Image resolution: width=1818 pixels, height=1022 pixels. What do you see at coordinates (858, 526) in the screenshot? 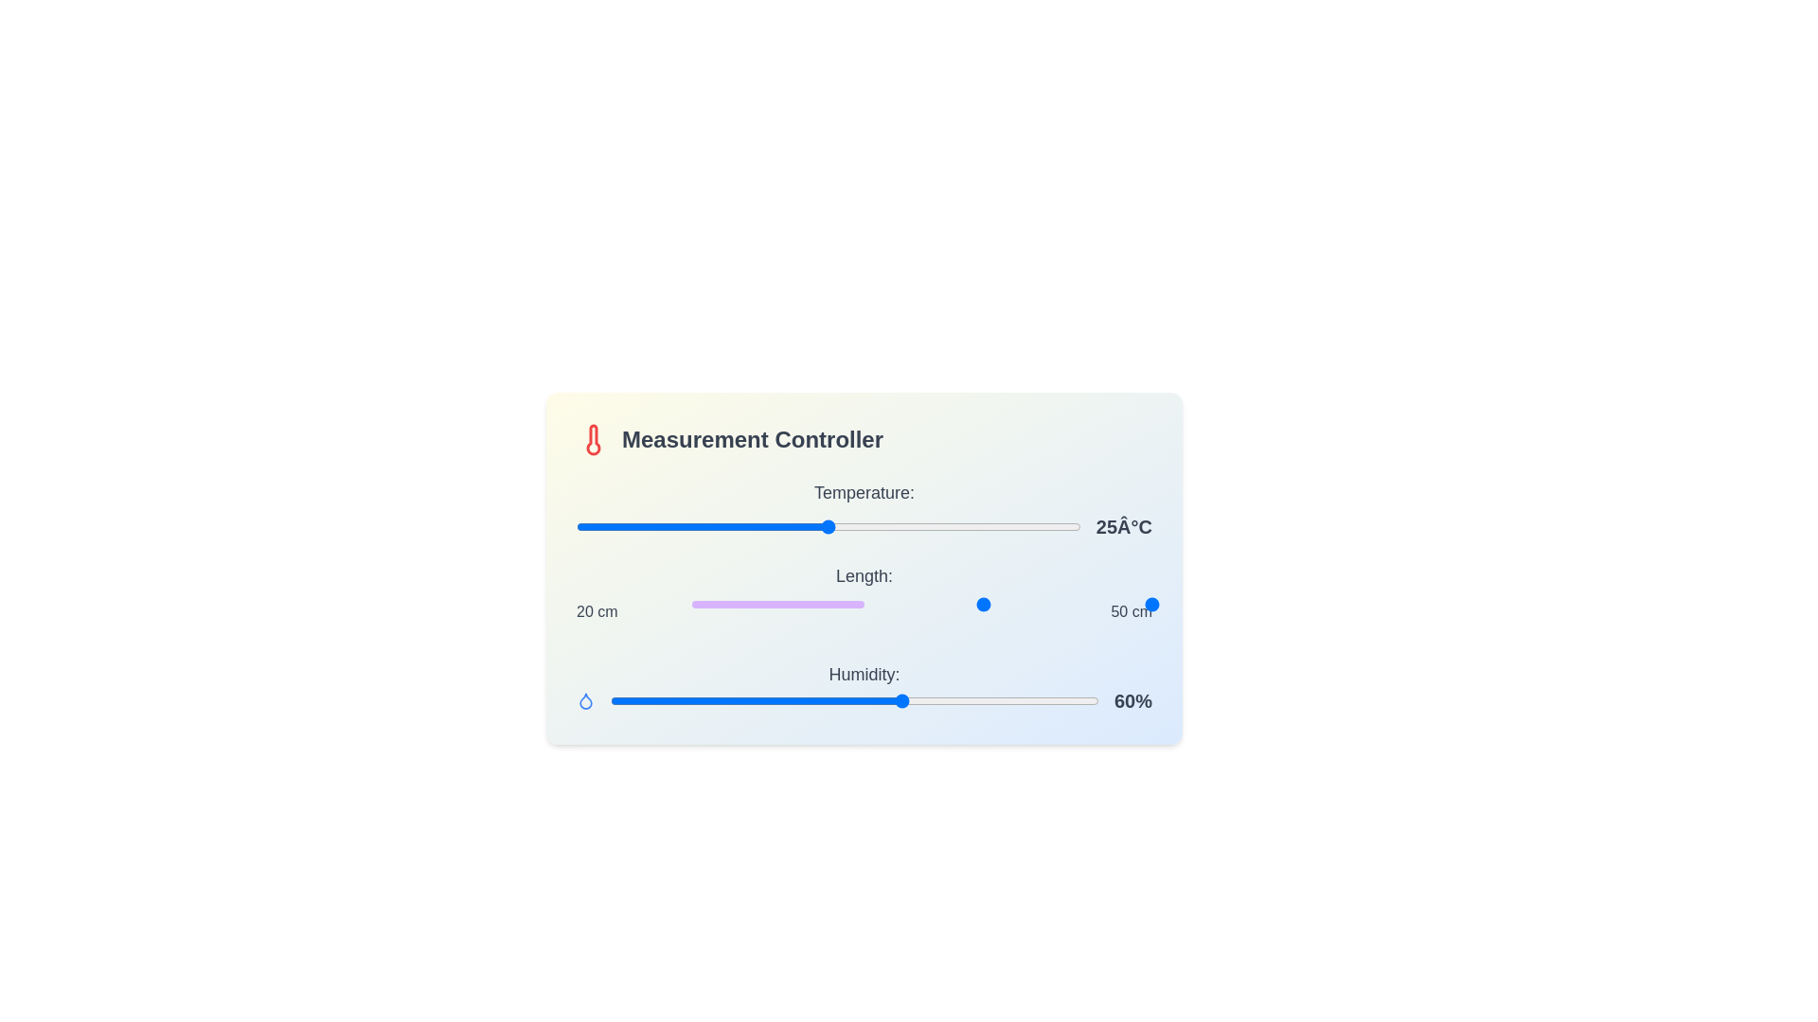
I see `the slider` at bounding box center [858, 526].